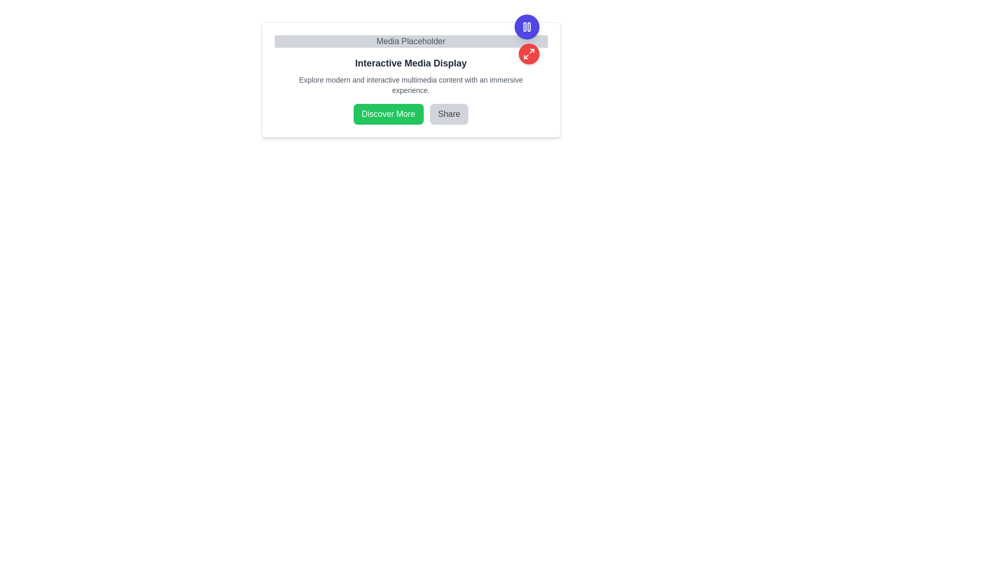 This screenshot has height=561, width=997. Describe the element at coordinates (410, 41) in the screenshot. I see `the rectangular media placeholder with a gray background that contains the text 'Media Placeholder', positioned above the heading 'Interactive Media Display'` at that location.